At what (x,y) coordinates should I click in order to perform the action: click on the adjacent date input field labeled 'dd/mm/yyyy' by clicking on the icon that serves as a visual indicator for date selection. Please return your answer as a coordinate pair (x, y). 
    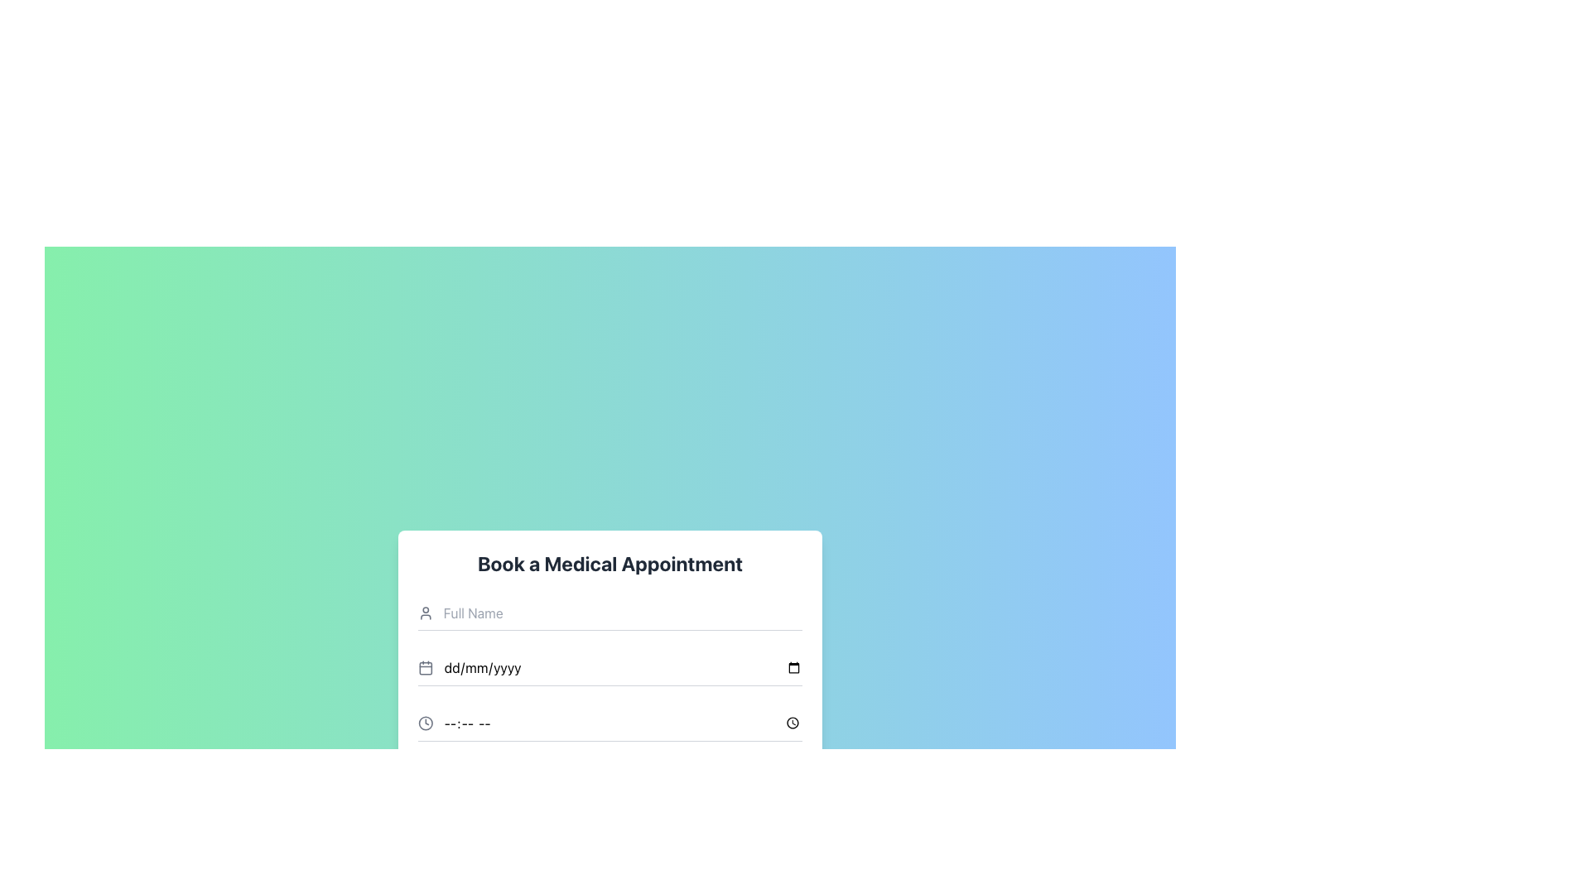
    Looking at the image, I should click on (425, 666).